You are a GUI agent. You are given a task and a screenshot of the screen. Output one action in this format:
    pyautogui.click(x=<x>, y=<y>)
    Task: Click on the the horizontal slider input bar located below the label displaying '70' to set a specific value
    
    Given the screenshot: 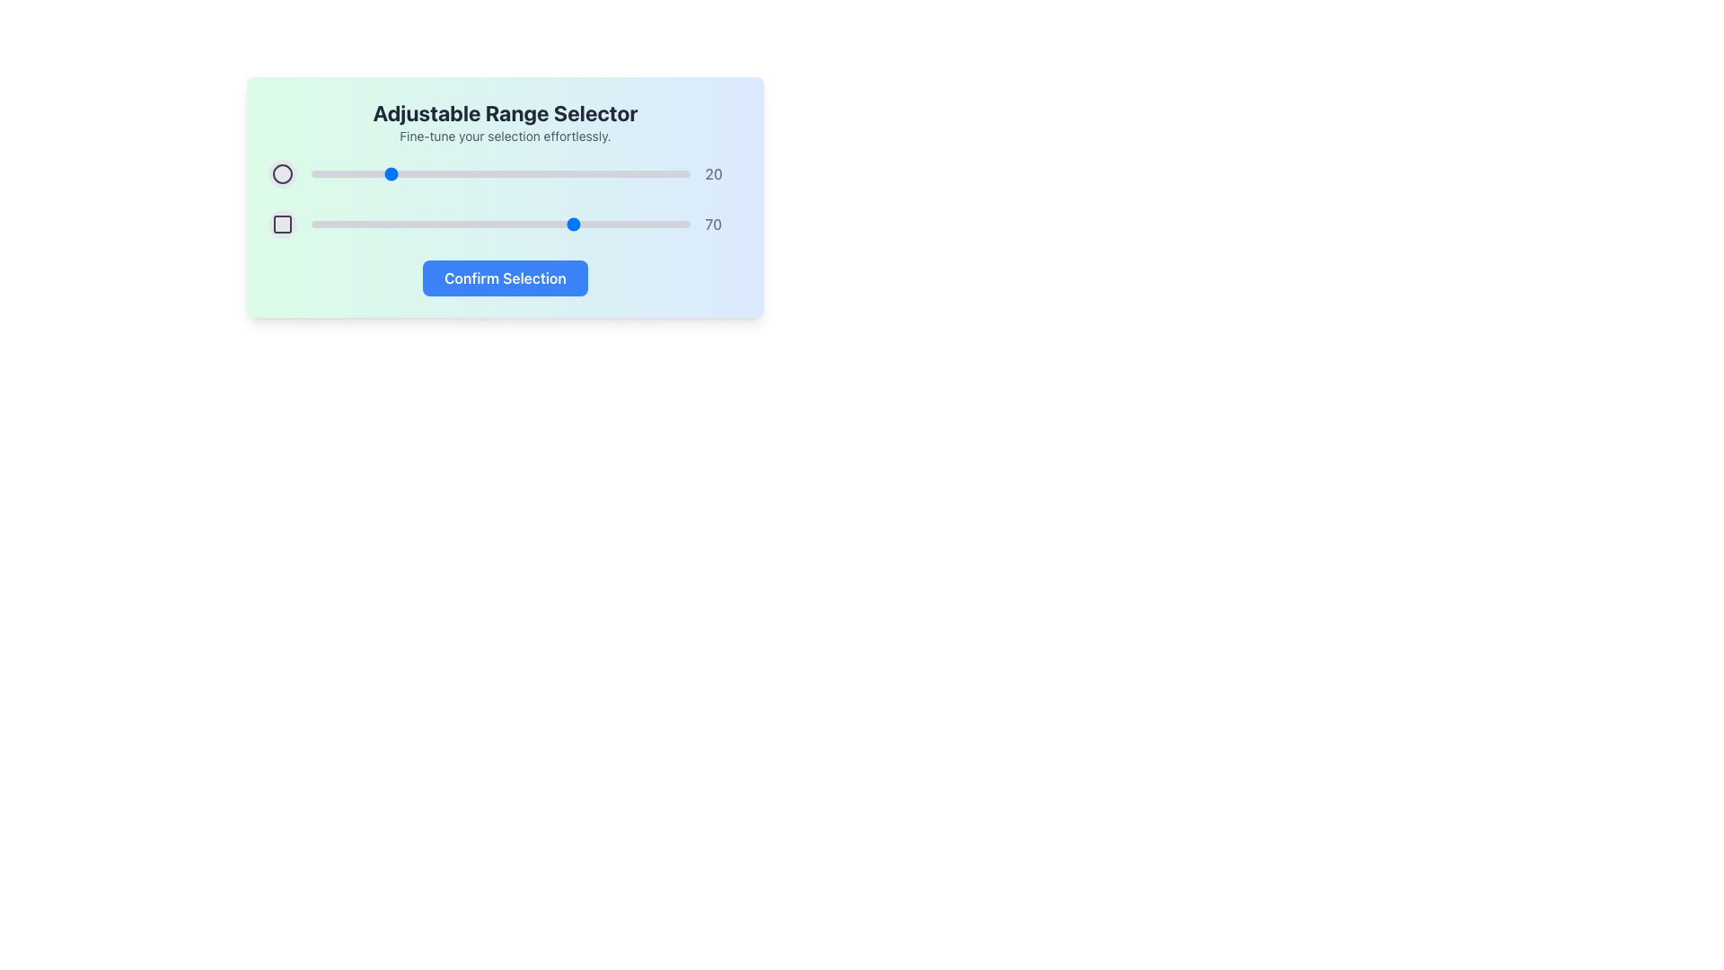 What is the action you would take?
    pyautogui.click(x=501, y=224)
    